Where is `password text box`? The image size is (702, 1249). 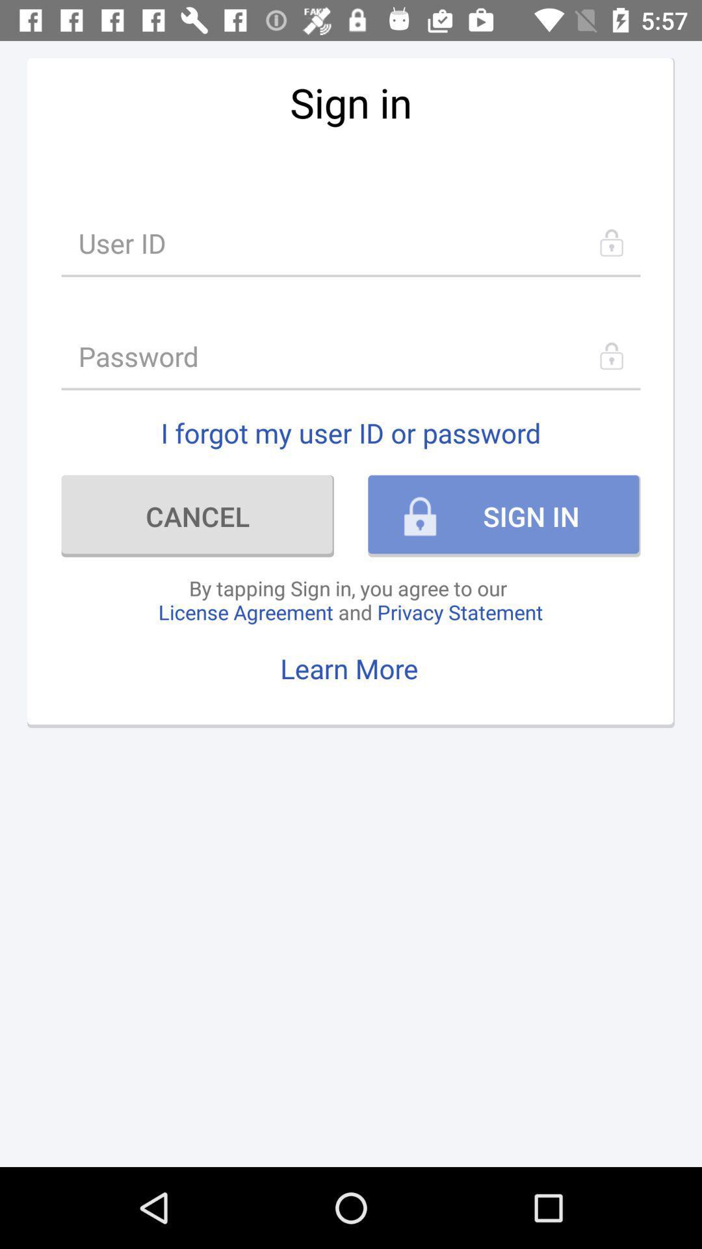 password text box is located at coordinates (351, 356).